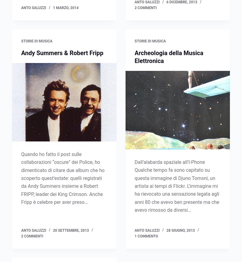 The width and height of the screenshot is (242, 262). I want to click on 'Anto Saluzzi', so click(33, 41).